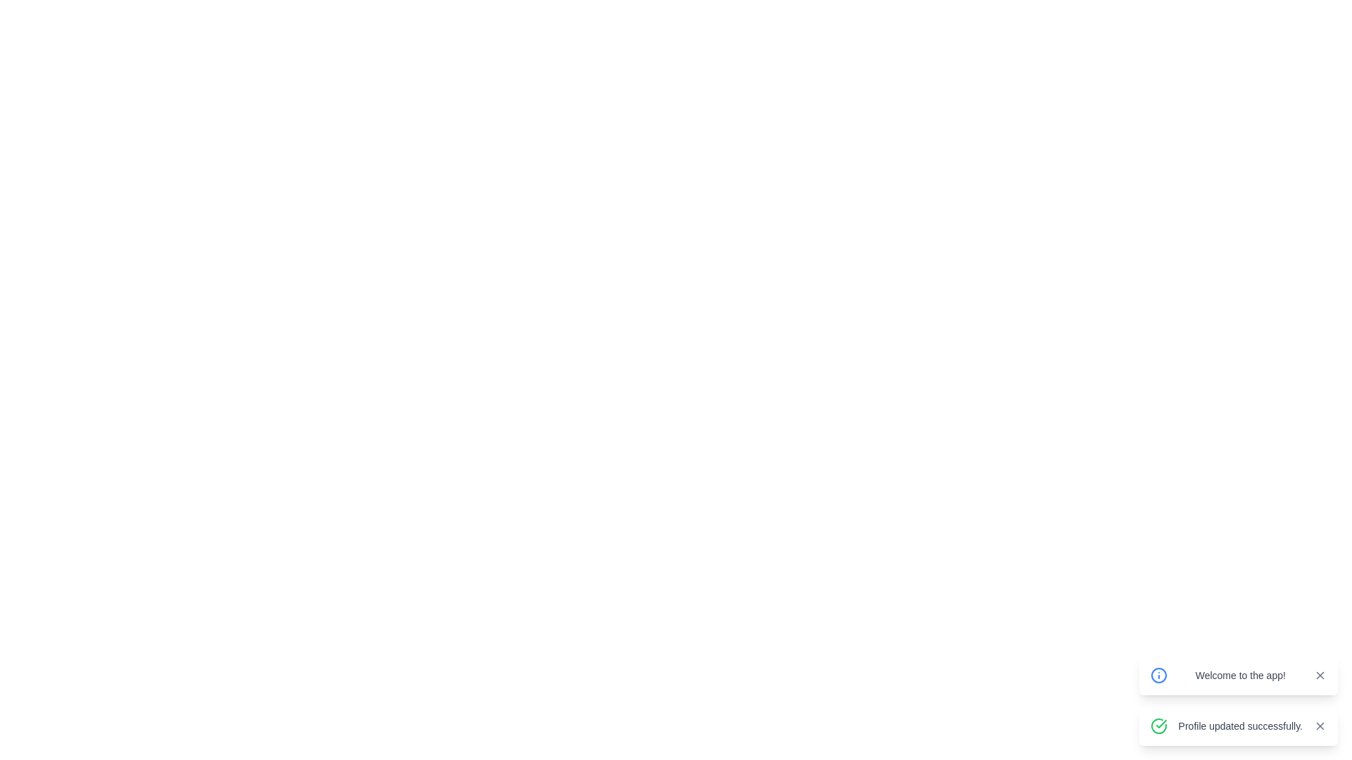 The width and height of the screenshot is (1352, 760). What do you see at coordinates (1320, 726) in the screenshot?
I see `the top-right diagonal stroke of the 'X' icon in the notification message box` at bounding box center [1320, 726].